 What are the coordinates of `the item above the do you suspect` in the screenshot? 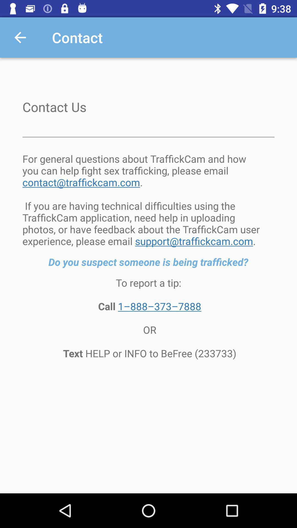 It's located at (148, 200).